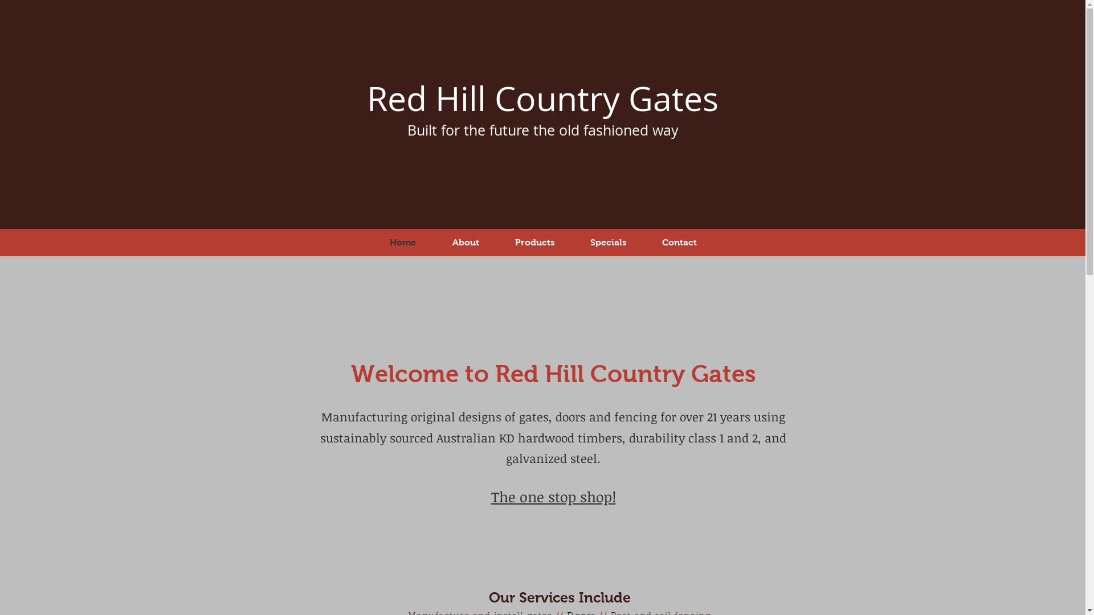 The image size is (1094, 615). Describe the element at coordinates (497, 241) in the screenshot. I see `'Products'` at that location.